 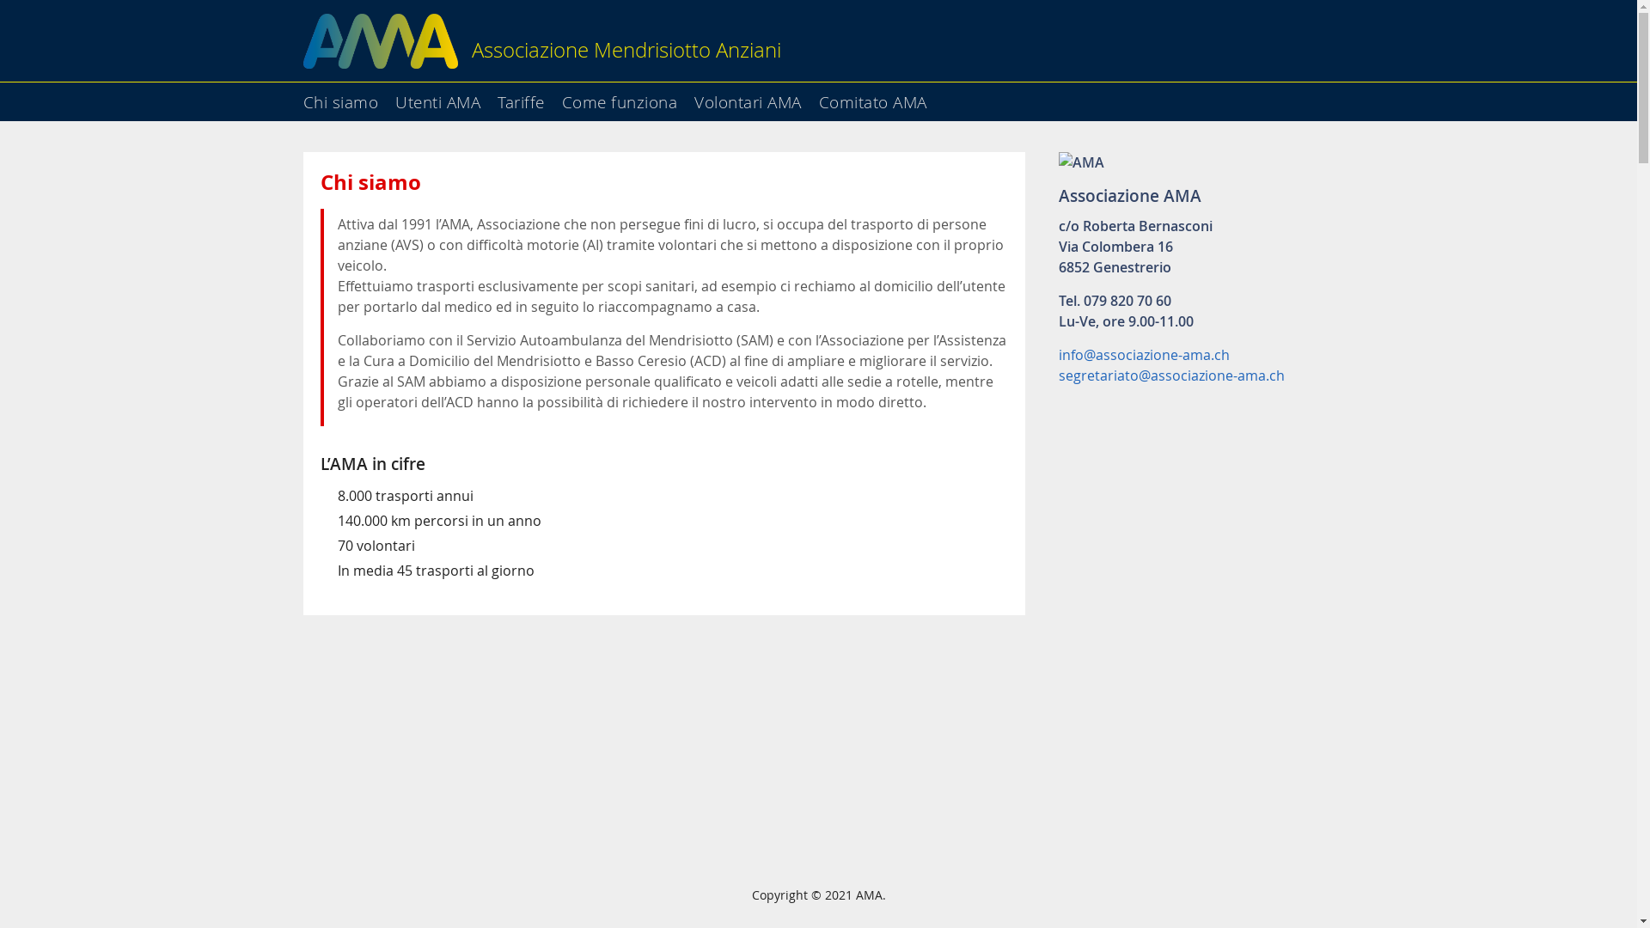 What do you see at coordinates (1170, 374) in the screenshot?
I see `'segretariato@associazione-ama.ch'` at bounding box center [1170, 374].